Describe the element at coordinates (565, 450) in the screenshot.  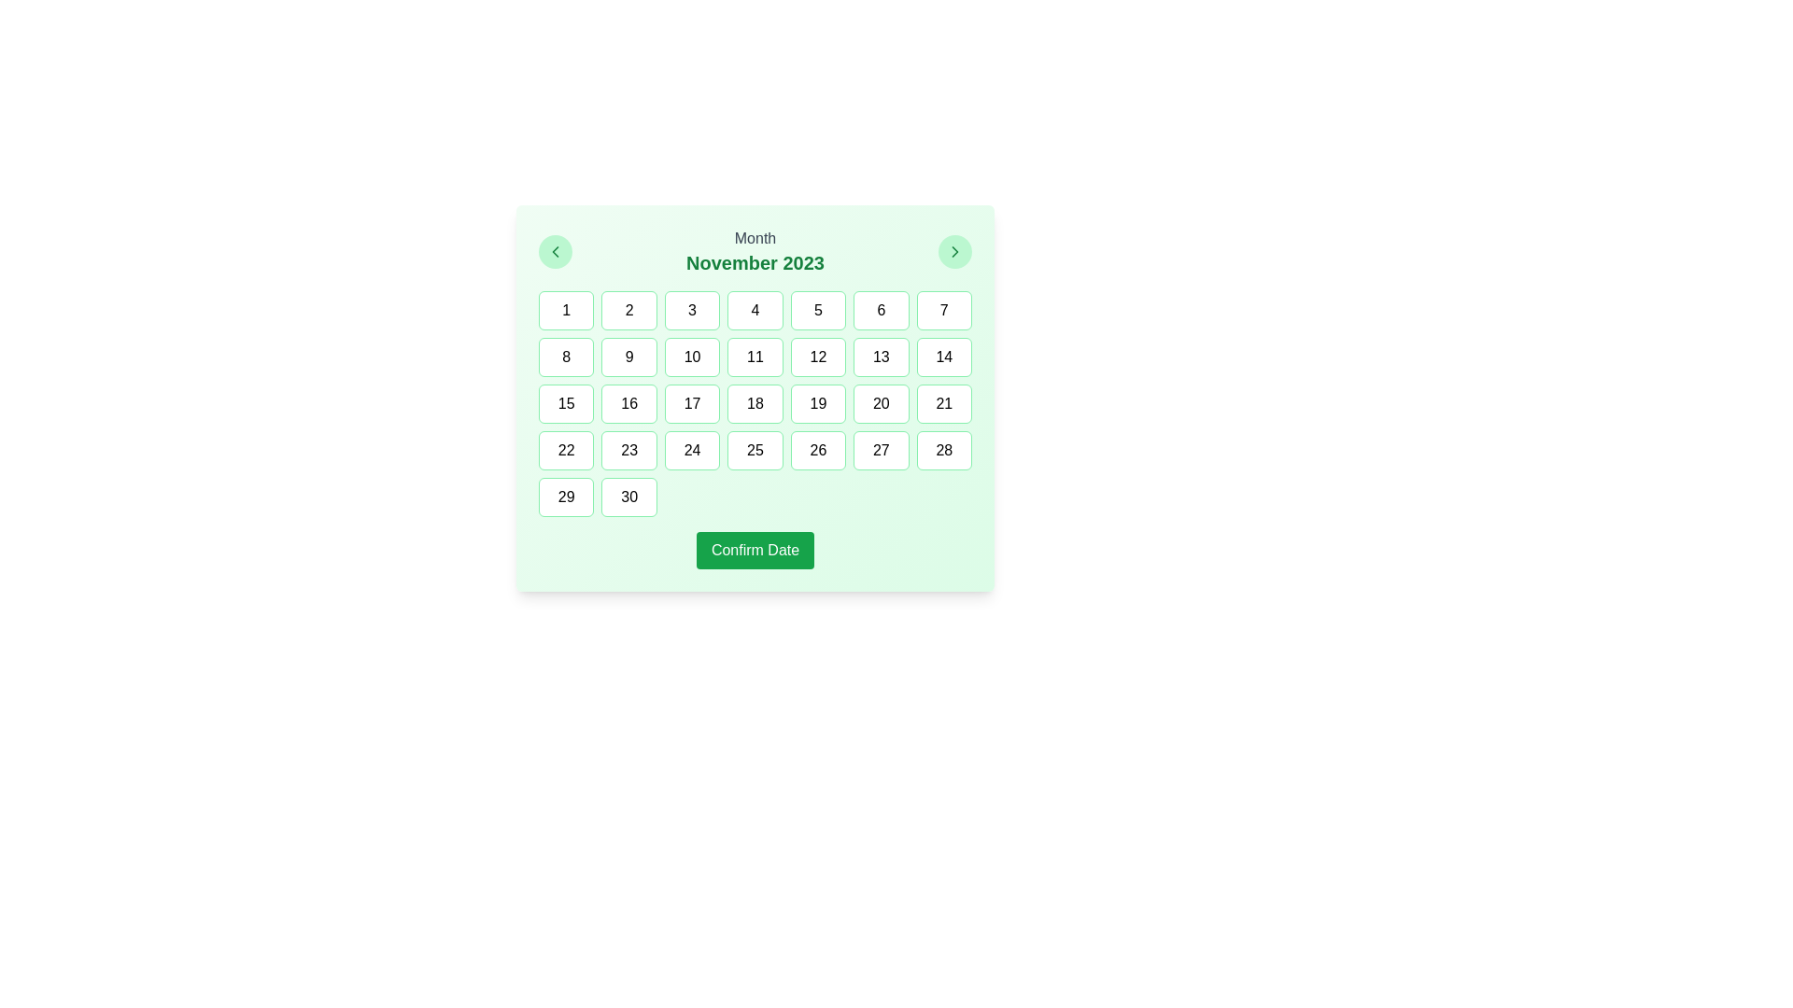
I see `the small rectangular button with a white background and green border, containing the number '22' in black font` at that location.